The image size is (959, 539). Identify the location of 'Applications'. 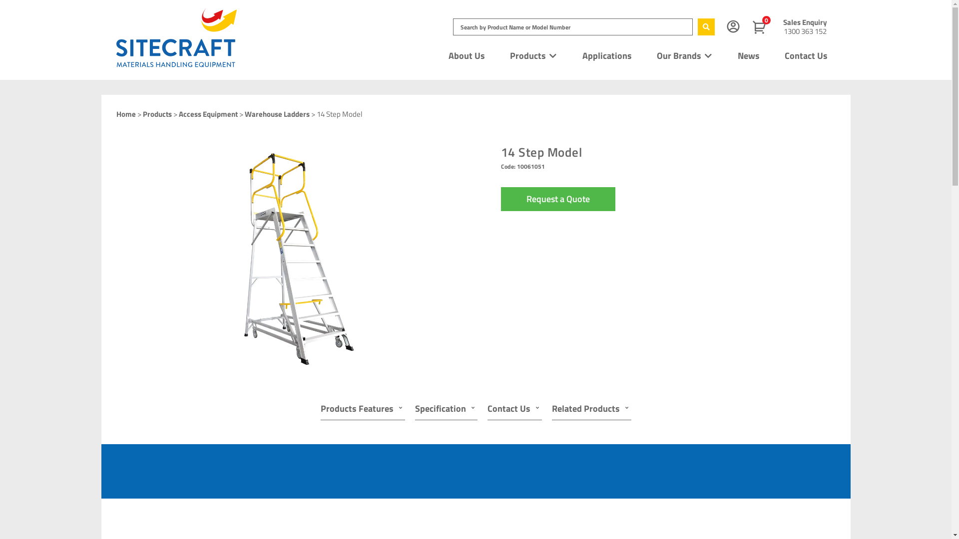
(582, 55).